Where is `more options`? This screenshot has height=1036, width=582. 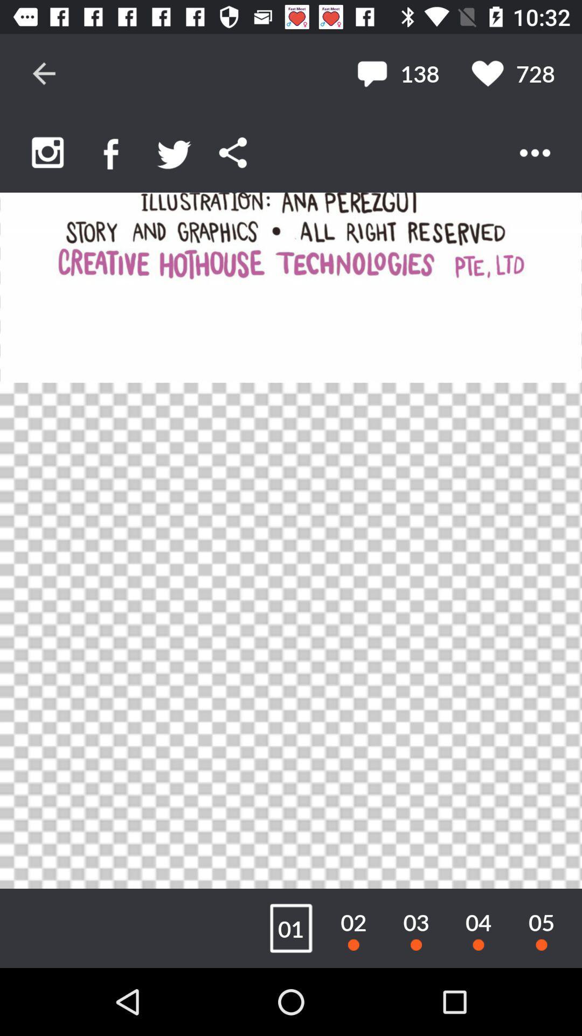 more options is located at coordinates (535, 152).